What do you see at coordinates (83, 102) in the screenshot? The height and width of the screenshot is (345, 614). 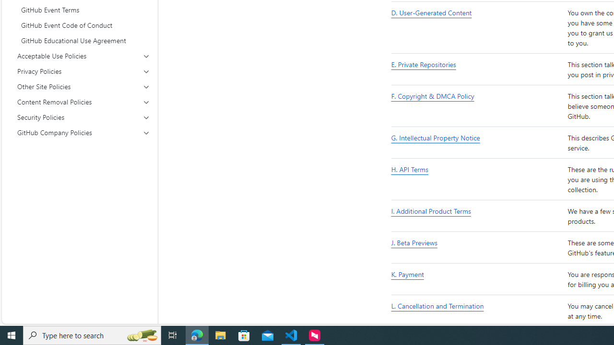 I see `'Content Removal Policies'` at bounding box center [83, 102].